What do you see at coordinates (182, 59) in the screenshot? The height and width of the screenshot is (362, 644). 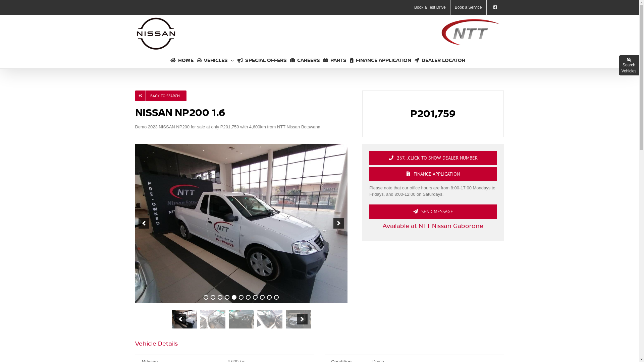 I see `'HOME'` at bounding box center [182, 59].